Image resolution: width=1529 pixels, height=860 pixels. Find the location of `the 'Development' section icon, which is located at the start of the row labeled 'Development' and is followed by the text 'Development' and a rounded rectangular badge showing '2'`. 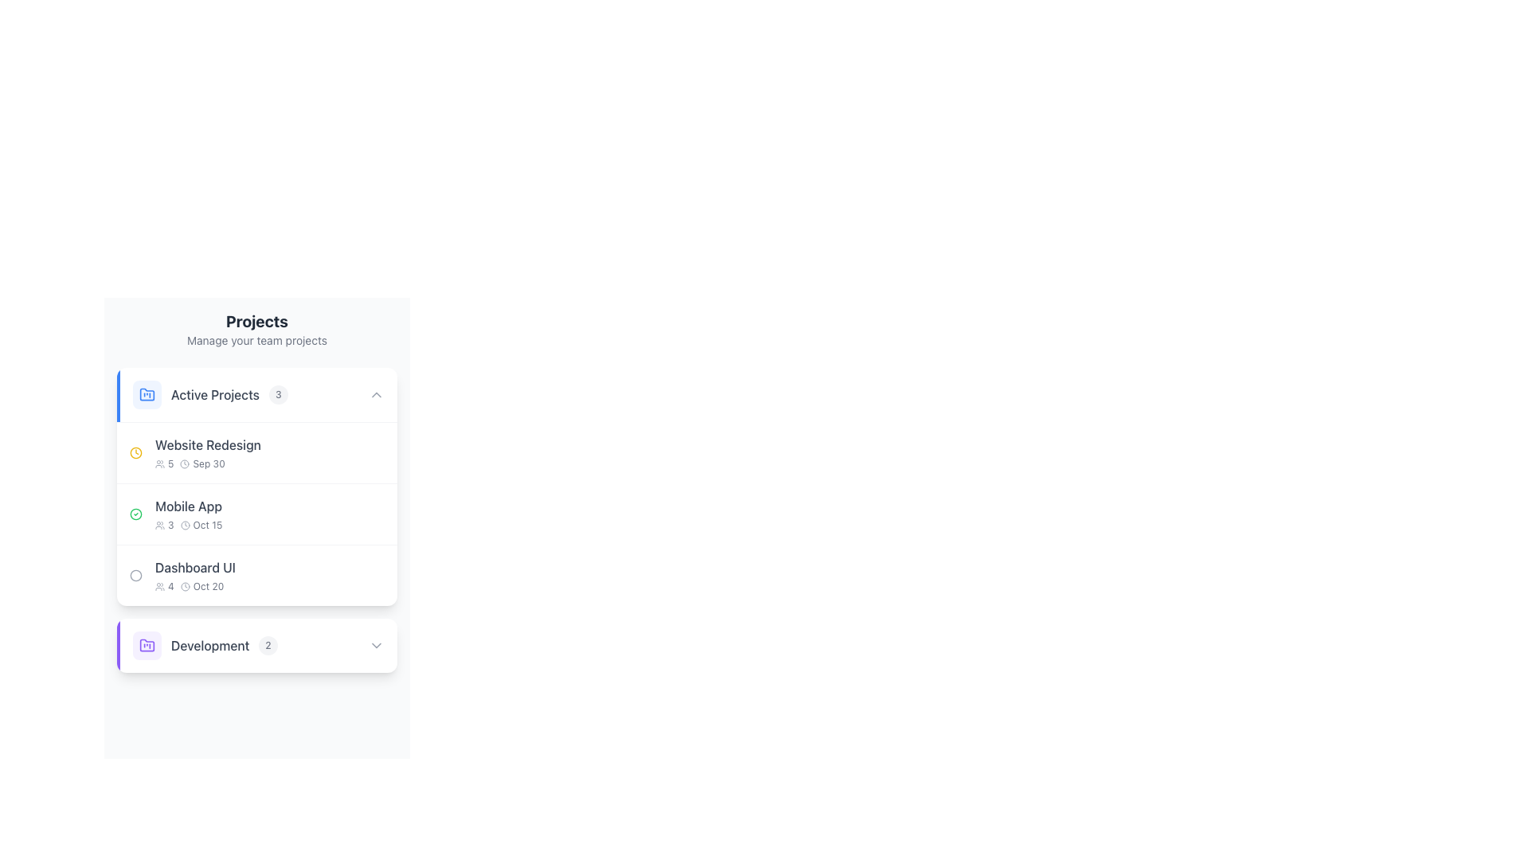

the 'Development' section icon, which is located at the start of the row labeled 'Development' and is followed by the text 'Development' and a rounded rectangular badge showing '2' is located at coordinates (147, 645).